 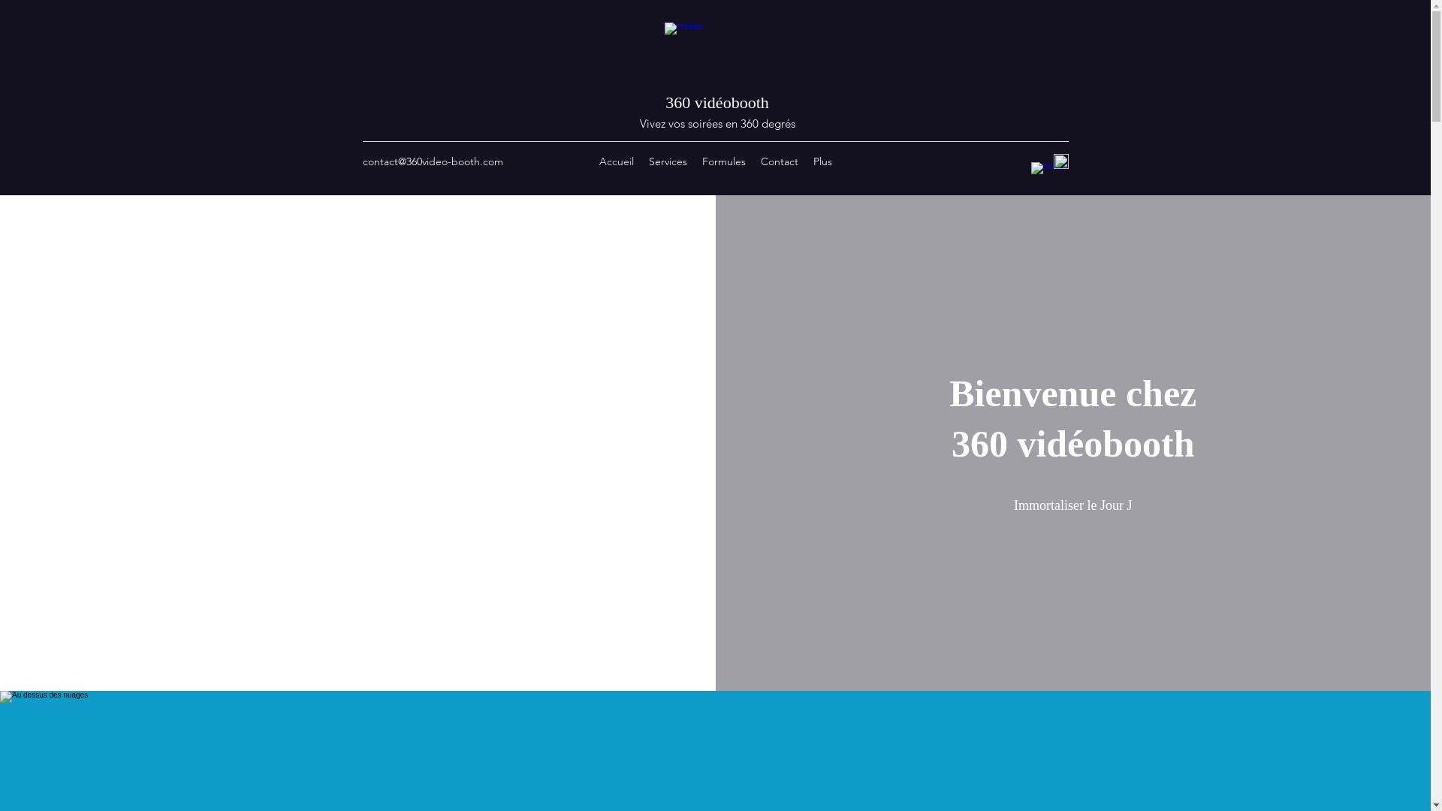 I want to click on 'Services', so click(x=641, y=161).